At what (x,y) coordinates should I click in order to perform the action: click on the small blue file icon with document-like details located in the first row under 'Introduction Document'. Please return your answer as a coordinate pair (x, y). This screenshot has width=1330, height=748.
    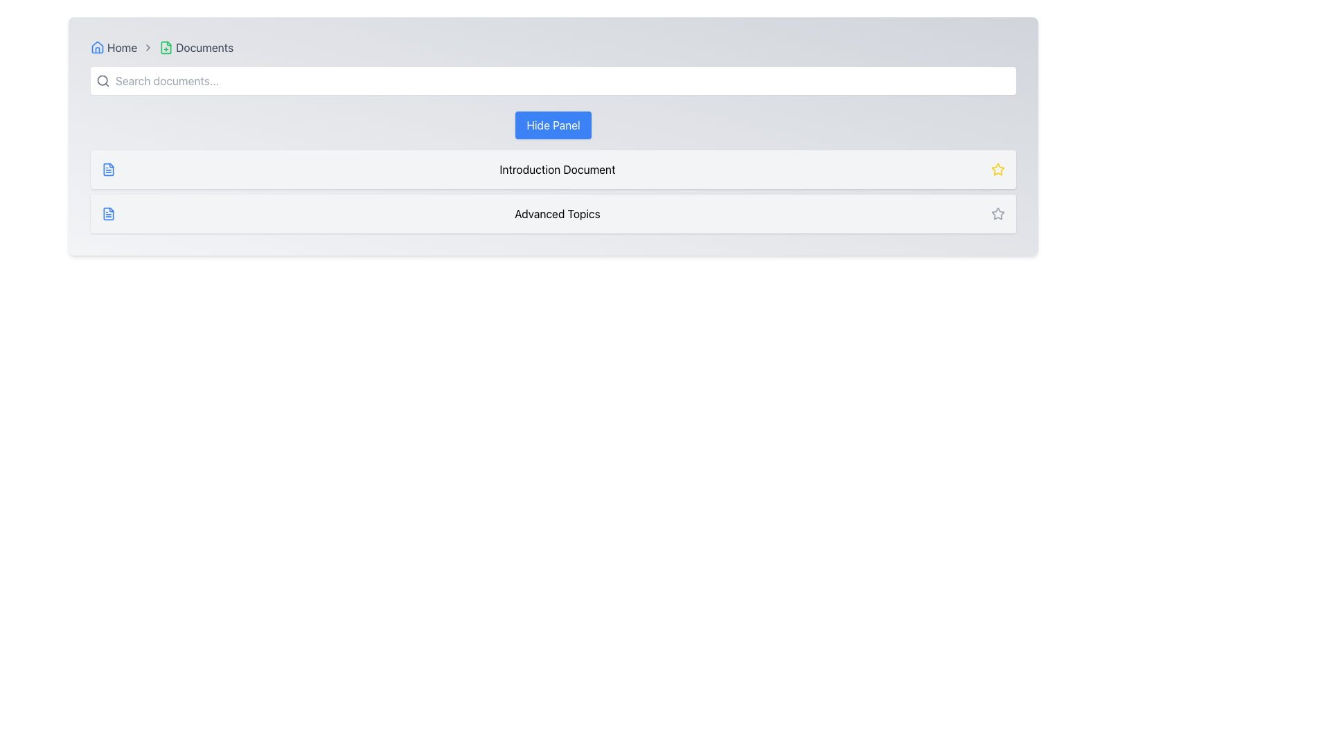
    Looking at the image, I should click on (108, 169).